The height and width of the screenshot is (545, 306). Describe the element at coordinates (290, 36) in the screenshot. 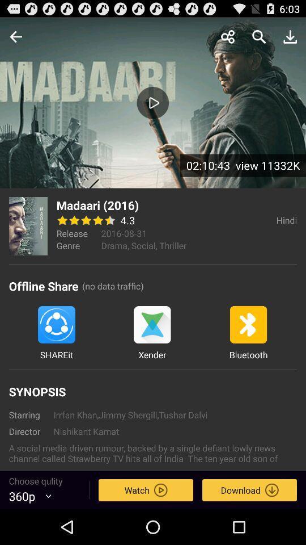

I see `download button right to search symbol` at that location.